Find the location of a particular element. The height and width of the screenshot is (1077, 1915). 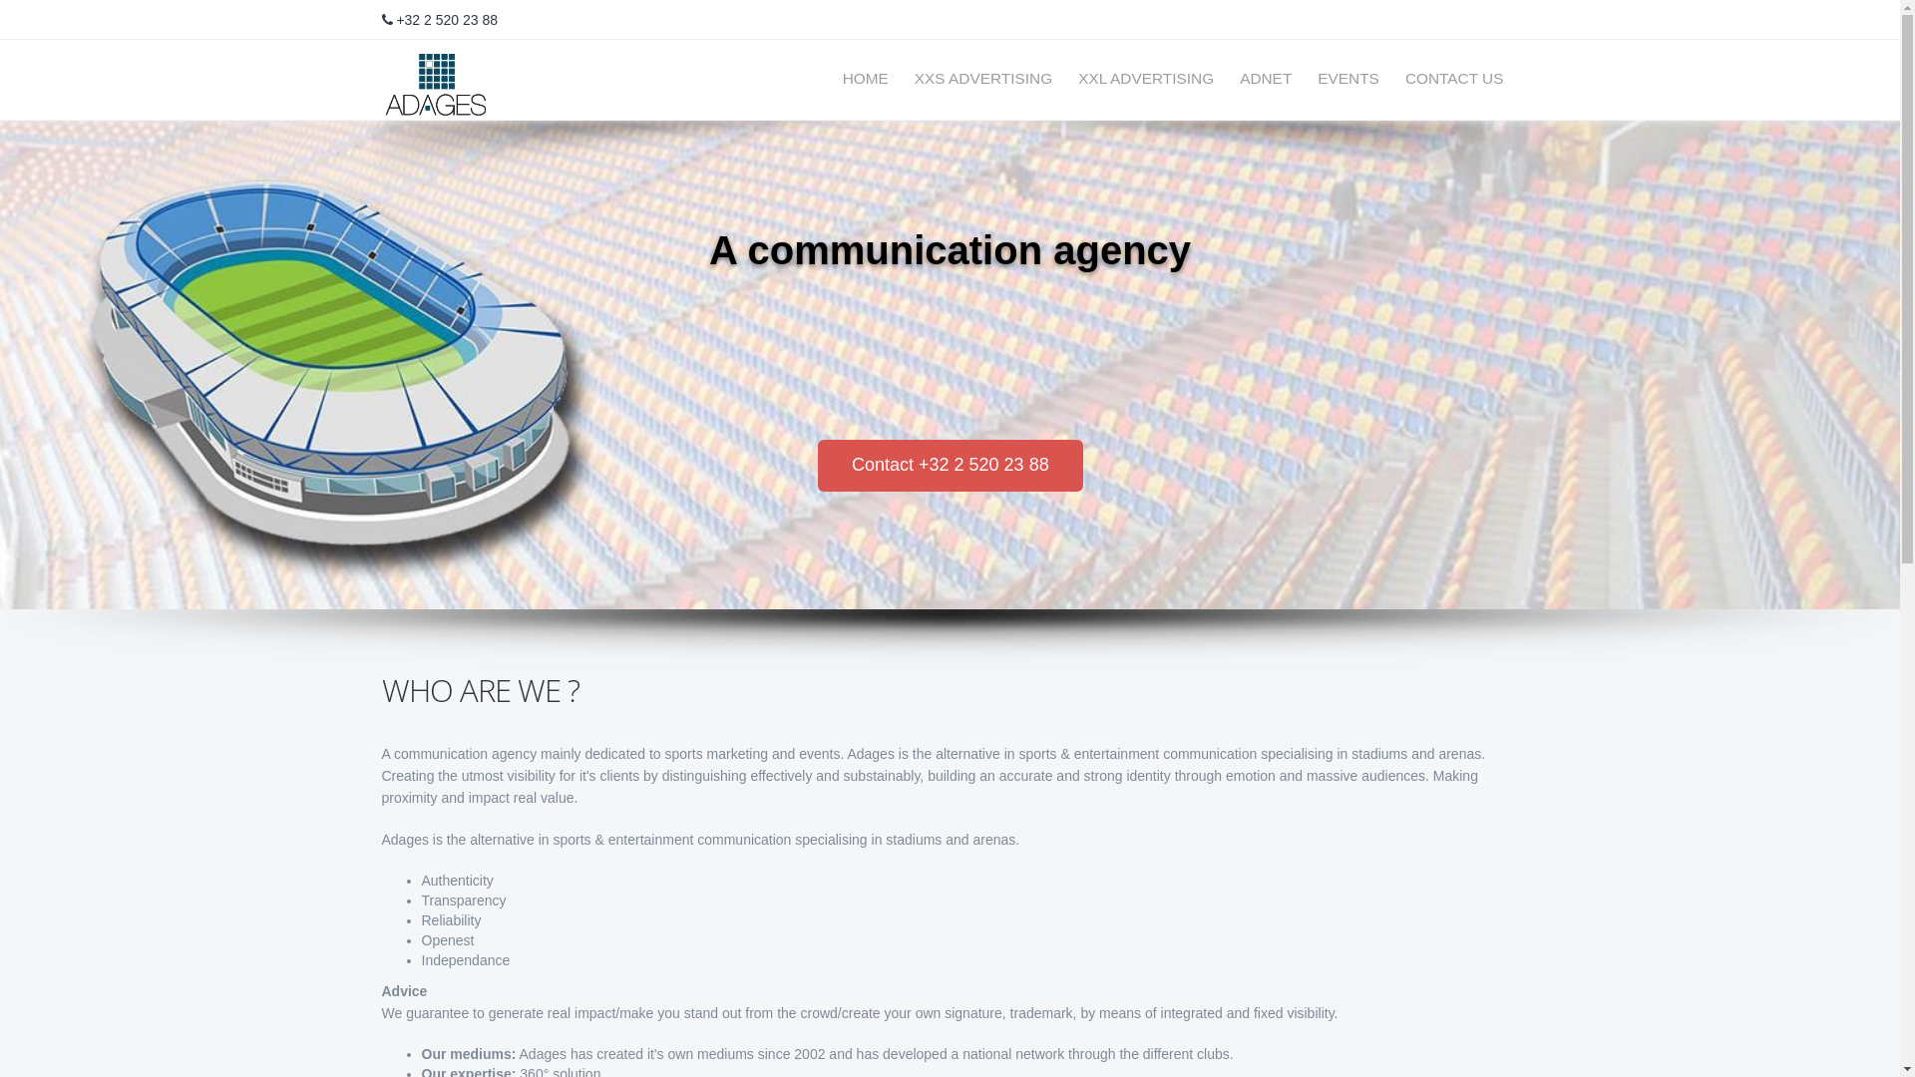

'ADNET' is located at coordinates (1224, 77).